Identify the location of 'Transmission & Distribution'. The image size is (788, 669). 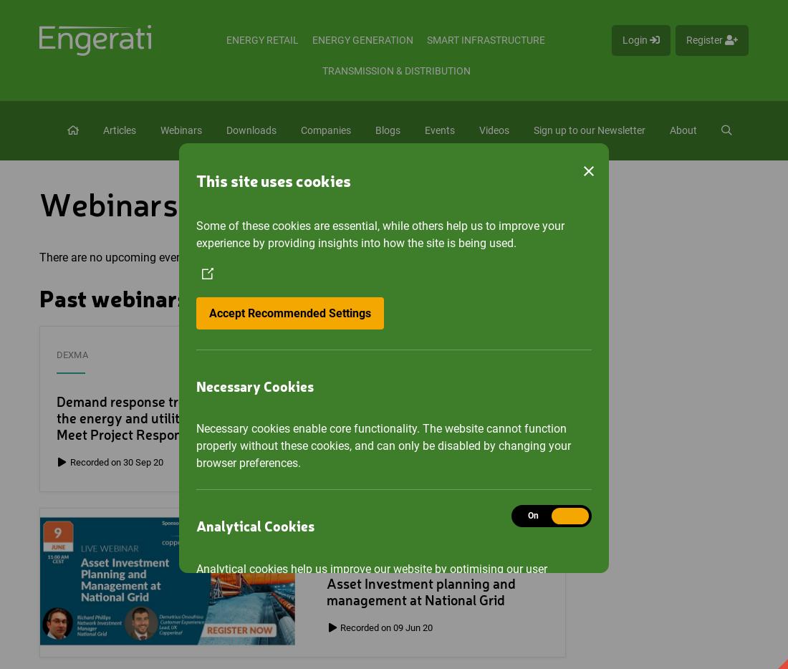
(395, 70).